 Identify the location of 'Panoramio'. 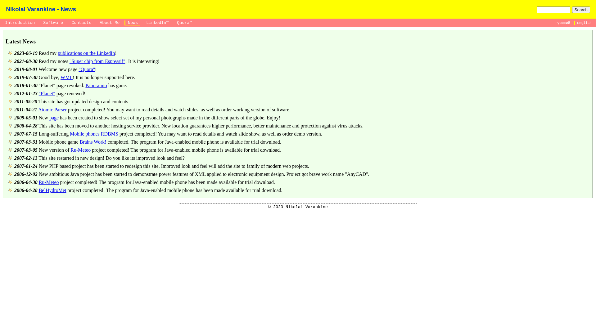
(96, 85).